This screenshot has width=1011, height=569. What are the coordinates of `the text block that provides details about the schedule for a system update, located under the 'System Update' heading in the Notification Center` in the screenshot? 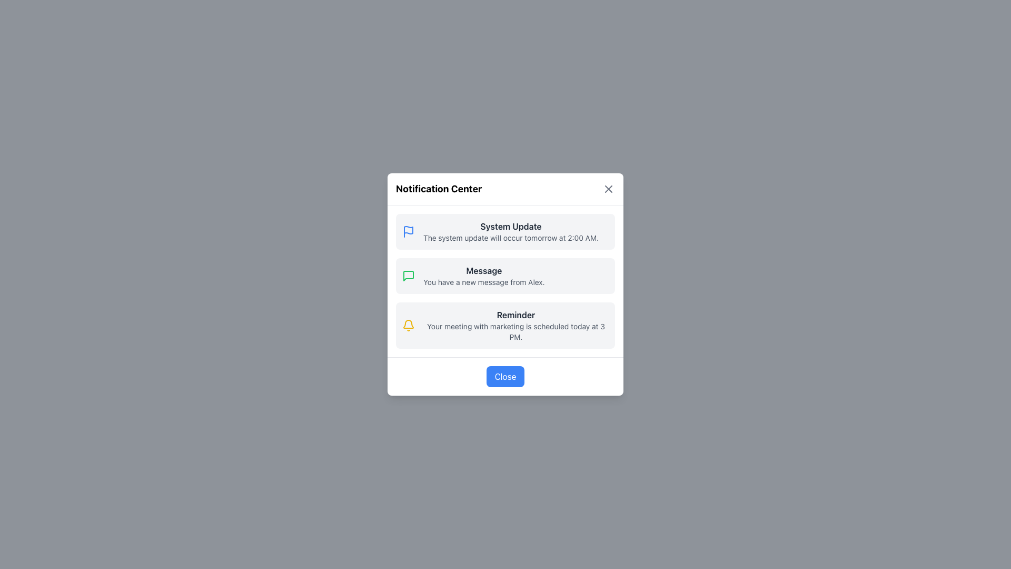 It's located at (511, 238).